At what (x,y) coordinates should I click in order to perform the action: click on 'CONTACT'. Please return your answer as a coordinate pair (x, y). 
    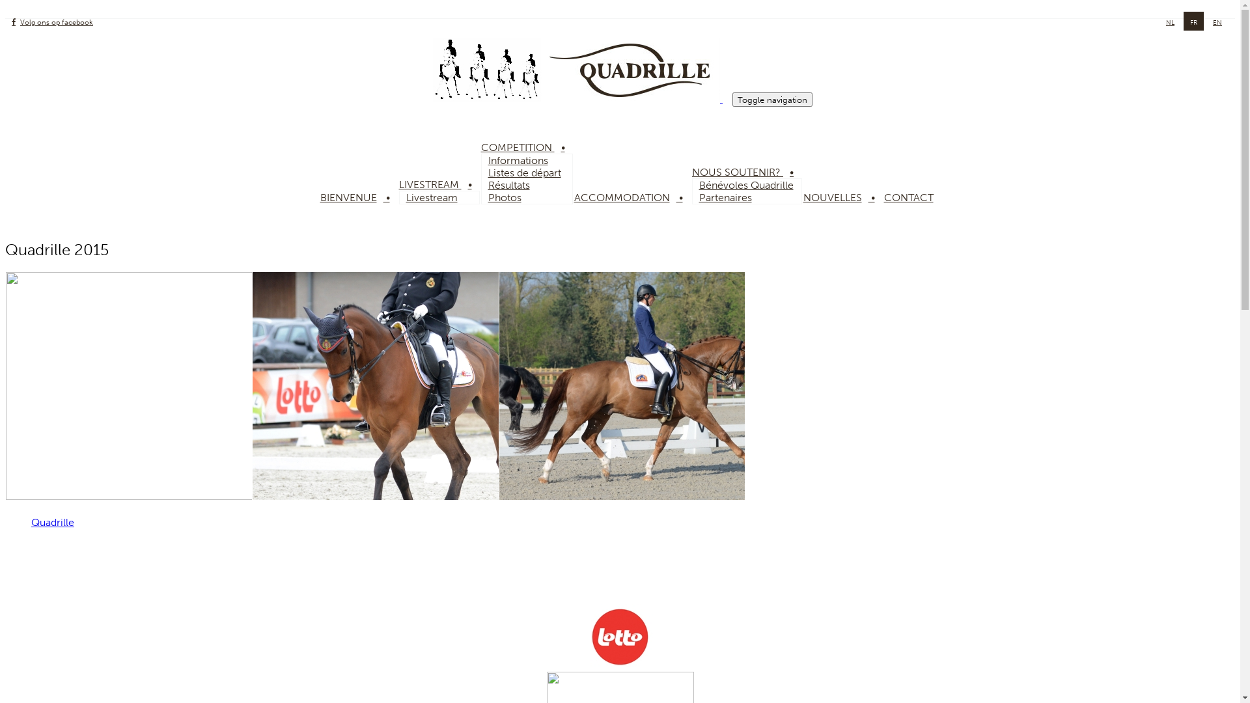
    Looking at the image, I should click on (915, 197).